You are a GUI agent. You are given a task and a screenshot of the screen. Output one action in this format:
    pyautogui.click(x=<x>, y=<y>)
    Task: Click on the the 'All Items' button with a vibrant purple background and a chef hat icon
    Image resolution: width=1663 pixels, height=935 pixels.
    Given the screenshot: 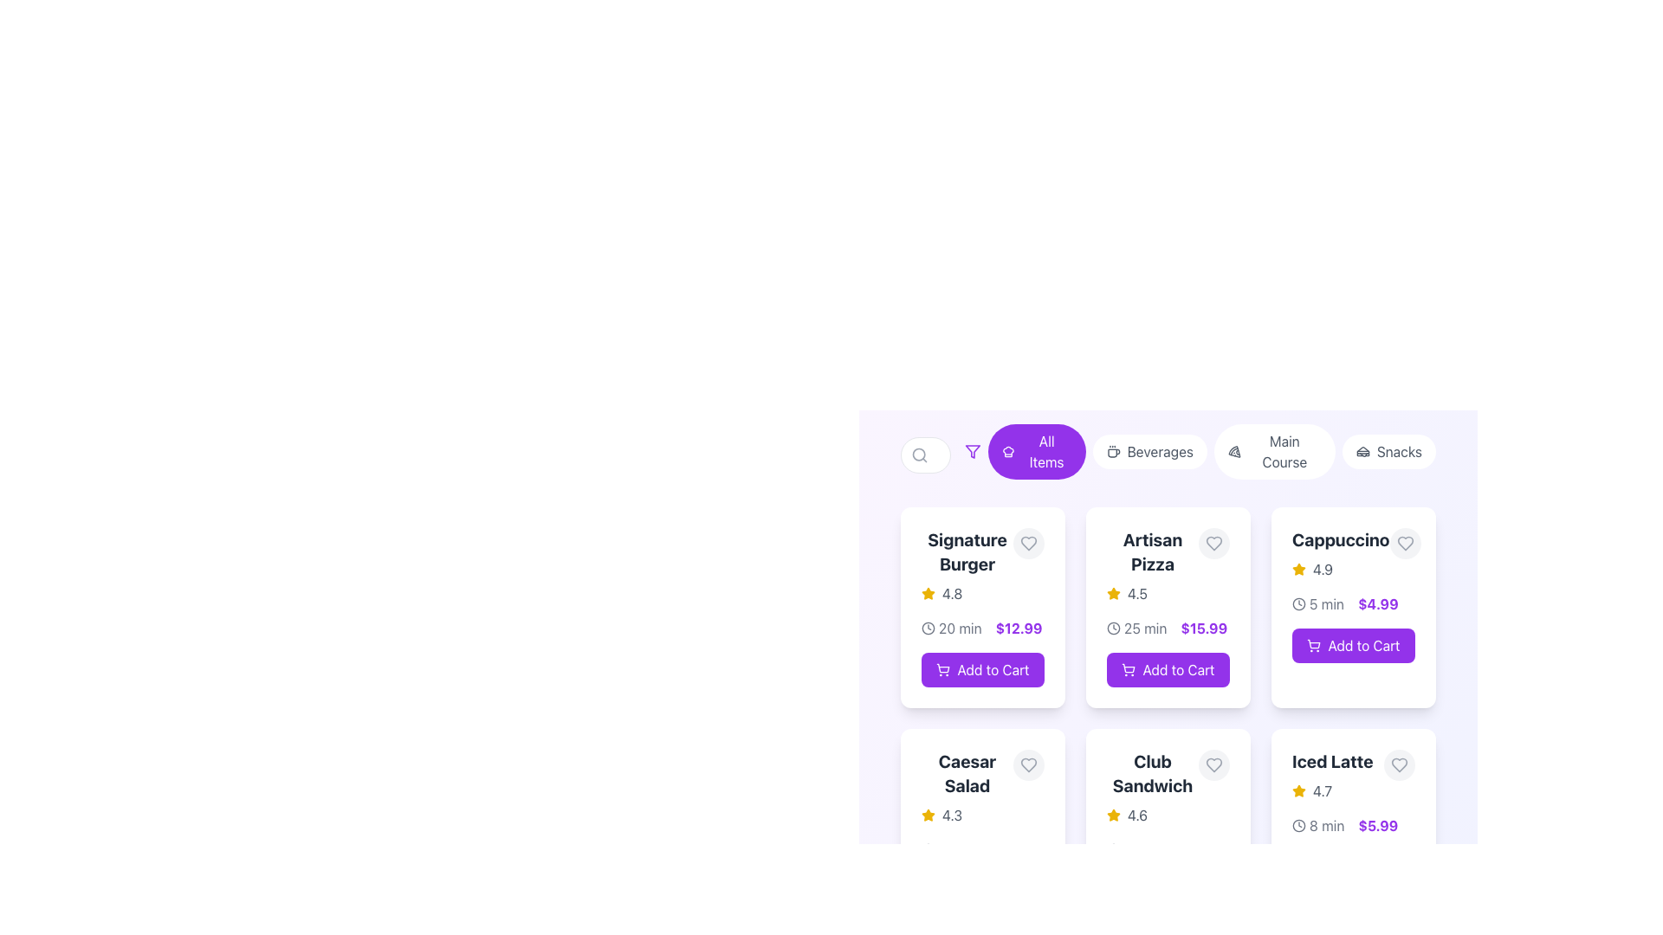 What is the action you would take?
    pyautogui.click(x=1037, y=450)
    